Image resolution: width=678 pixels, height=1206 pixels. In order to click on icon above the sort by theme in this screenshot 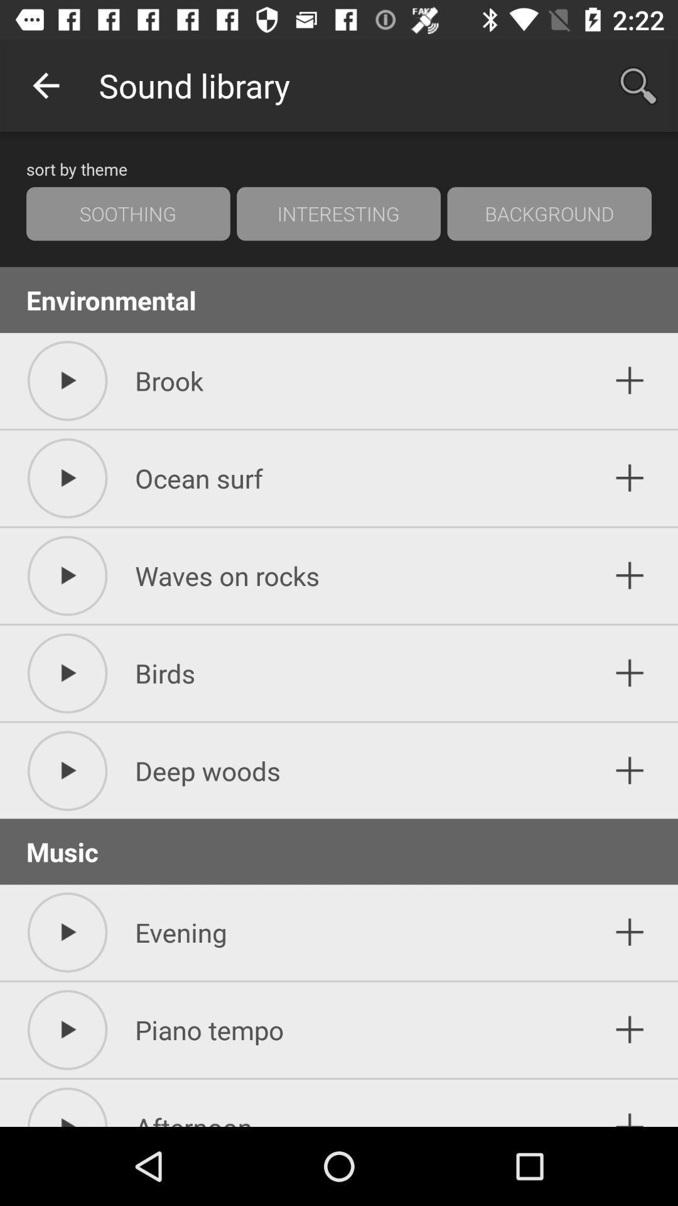, I will do `click(45, 85)`.